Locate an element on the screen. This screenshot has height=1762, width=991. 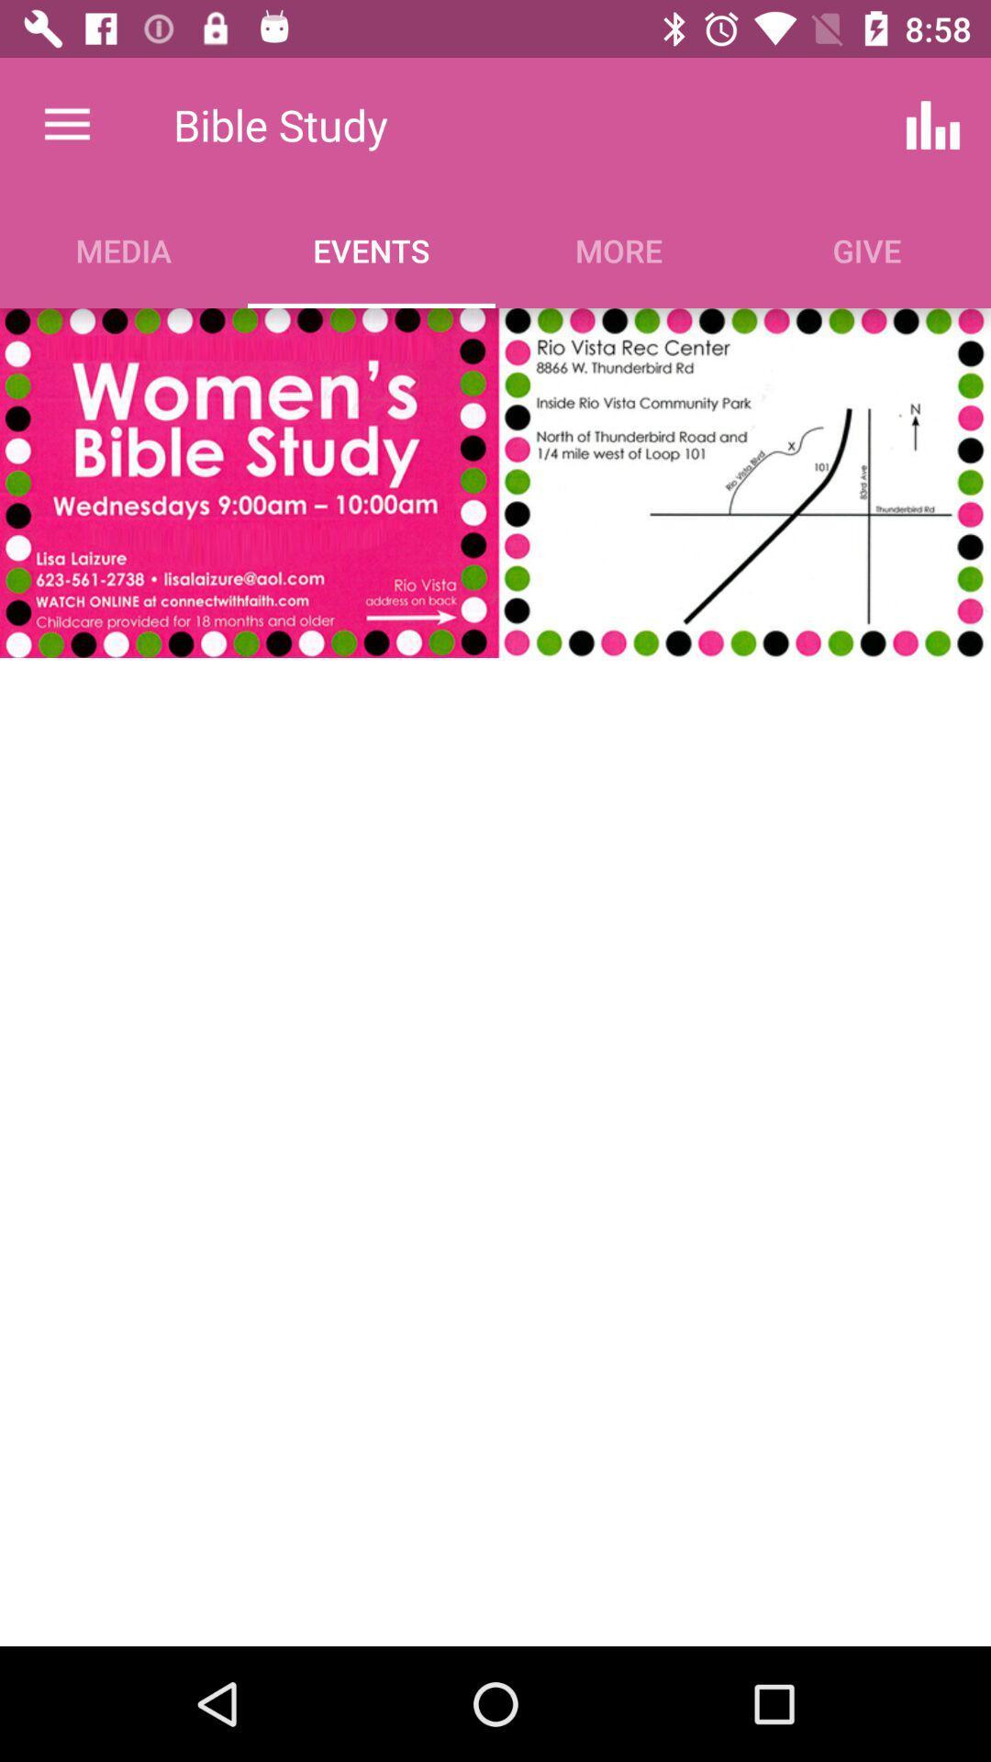
item to the right of more is located at coordinates (933, 124).